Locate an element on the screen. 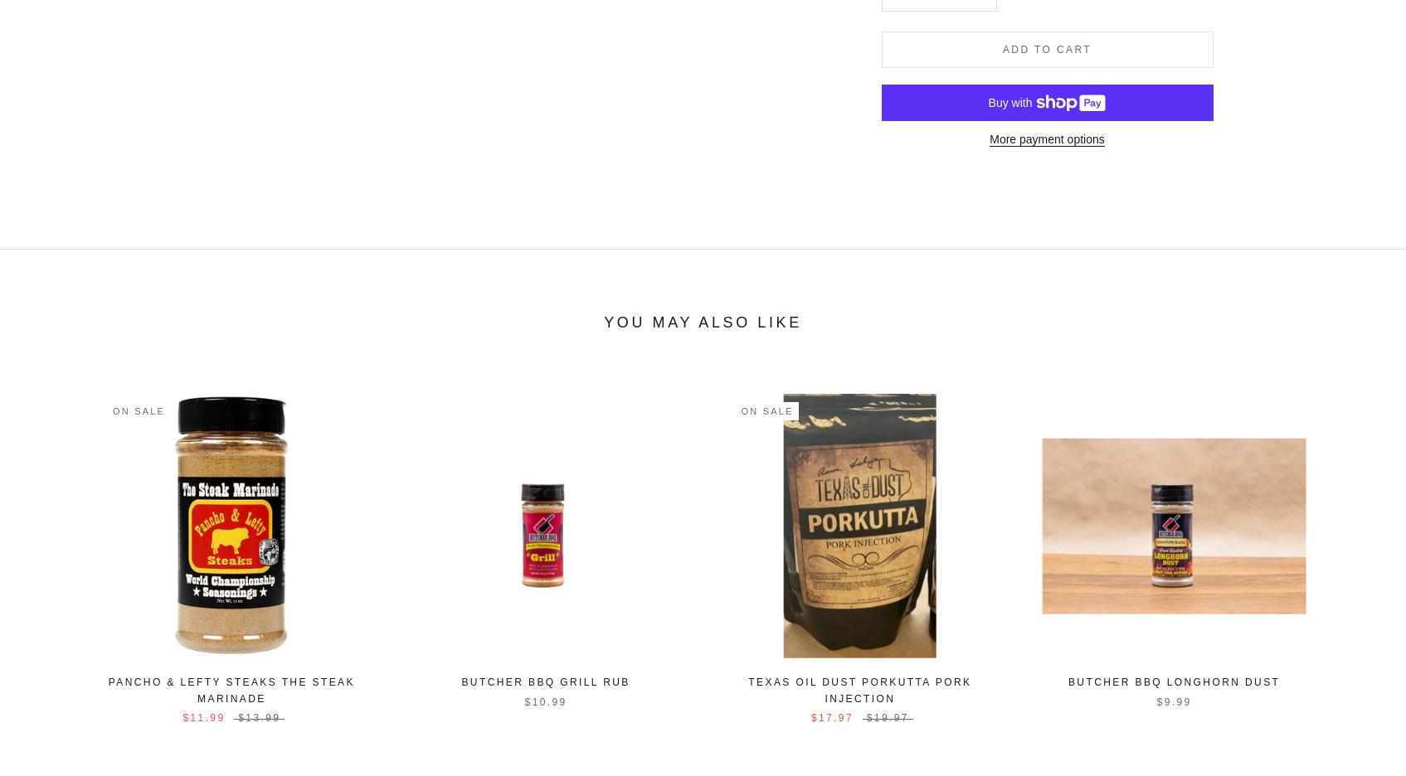 The image size is (1406, 776). 'Buy with' is located at coordinates (1011, 103).